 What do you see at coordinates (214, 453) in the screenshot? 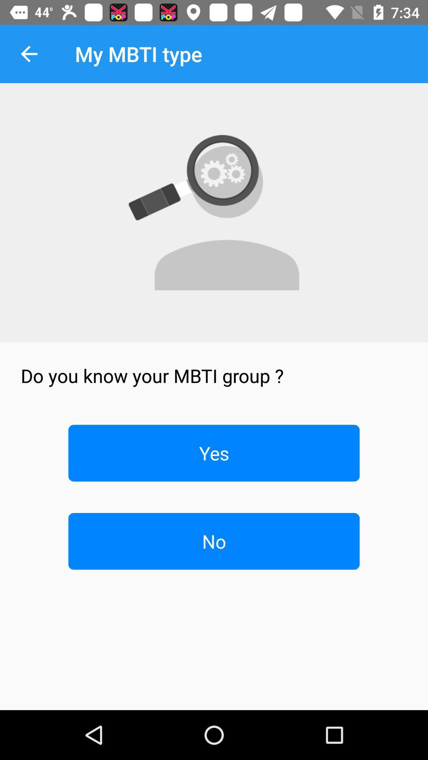
I see `the yes` at bounding box center [214, 453].